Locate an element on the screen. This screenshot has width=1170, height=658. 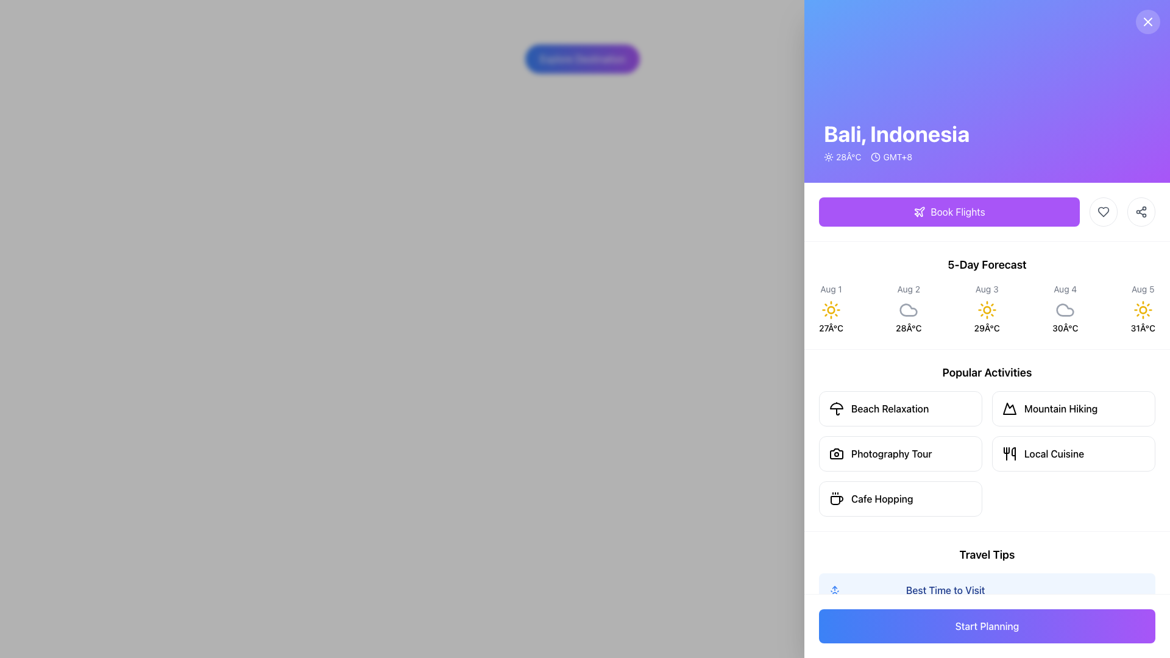
the flight booking button located below the title 'Bali, Indonesia', which is the first button in a group of three is located at coordinates (949, 211).